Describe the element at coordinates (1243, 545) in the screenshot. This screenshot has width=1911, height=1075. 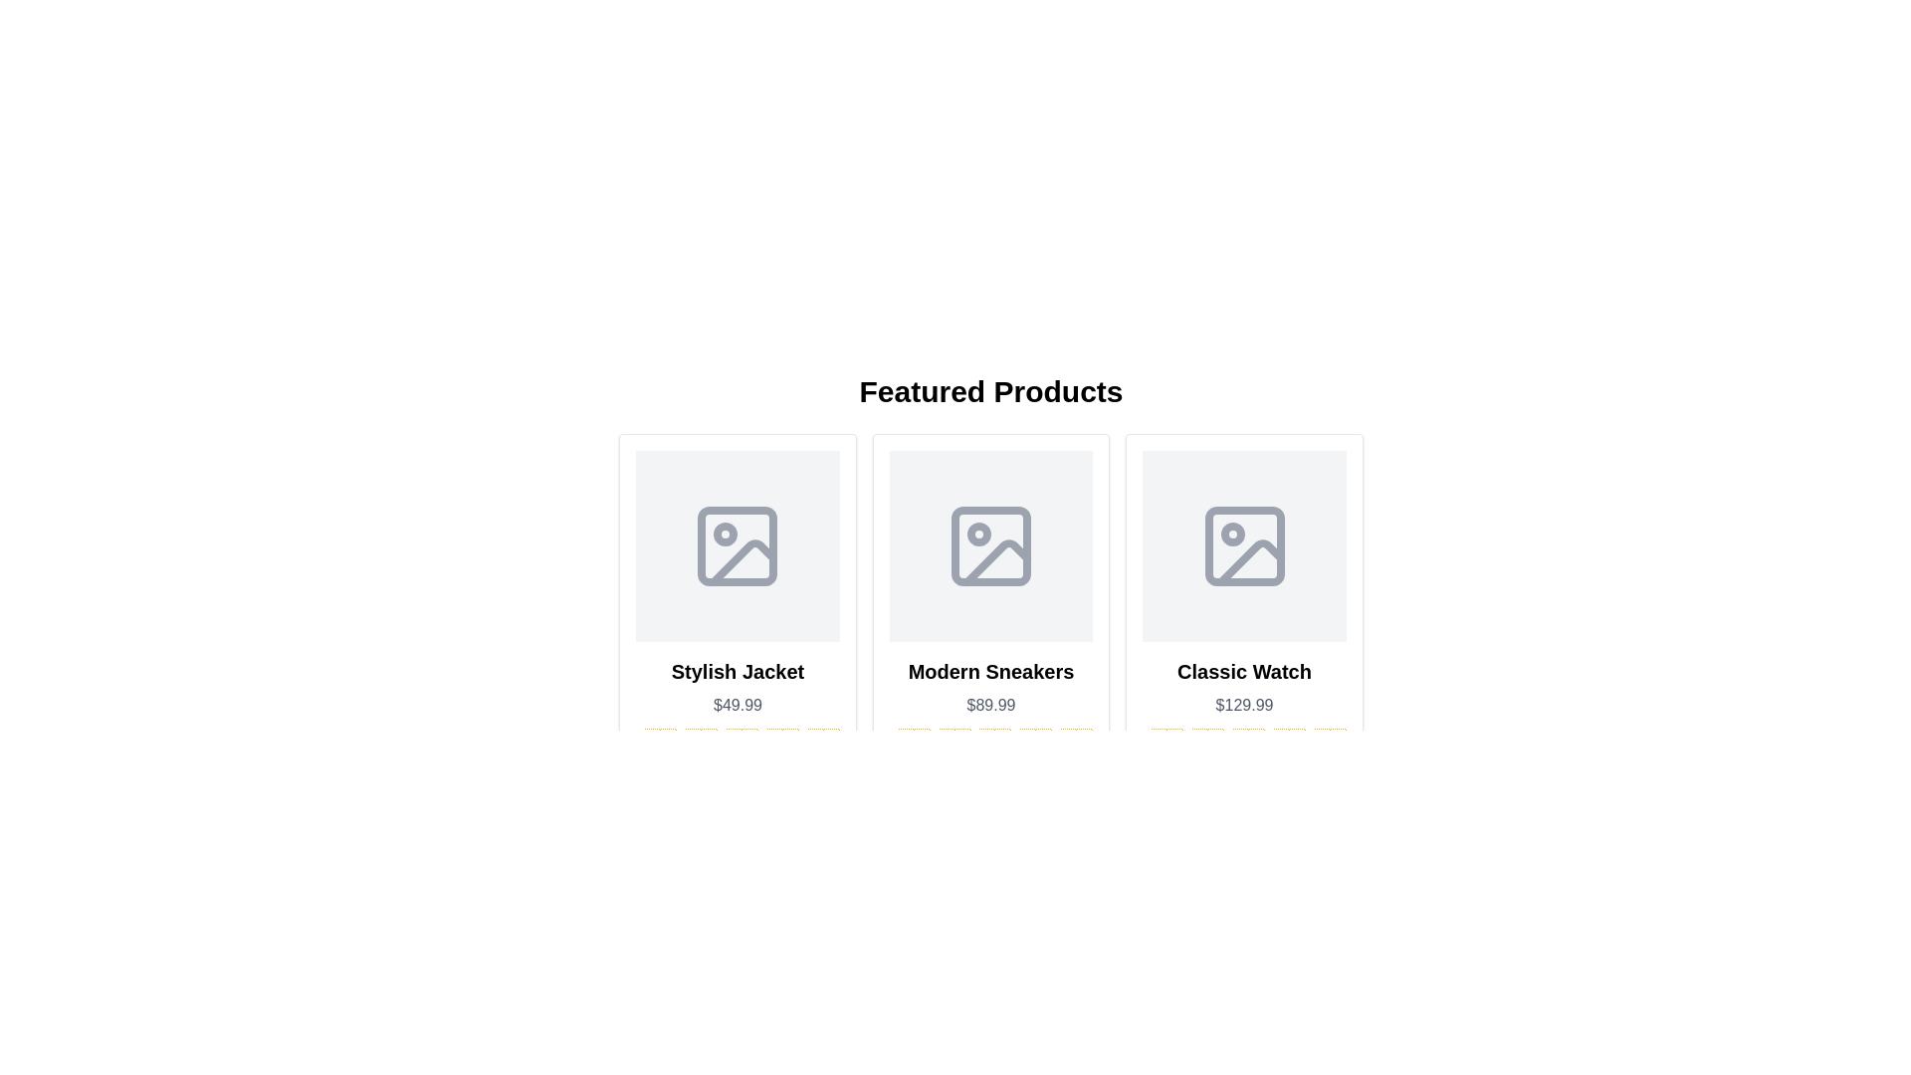
I see `the Image Placeholder for the 'Classic Watch'` at that location.